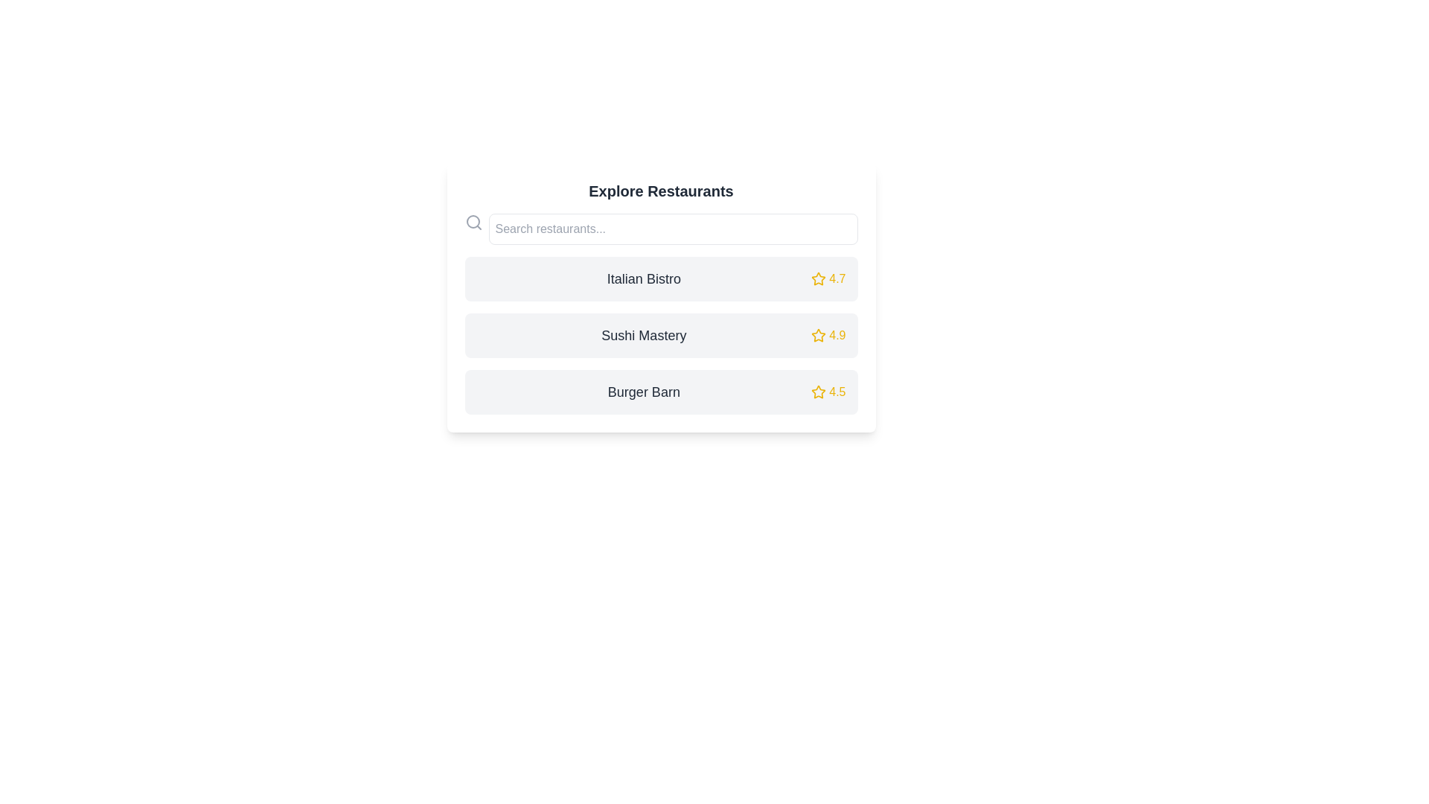 The width and height of the screenshot is (1429, 804). I want to click on the 'Burger Barn' text label located in the third row of the restaurant listing under 'Explore Restaurants', so click(644, 392).